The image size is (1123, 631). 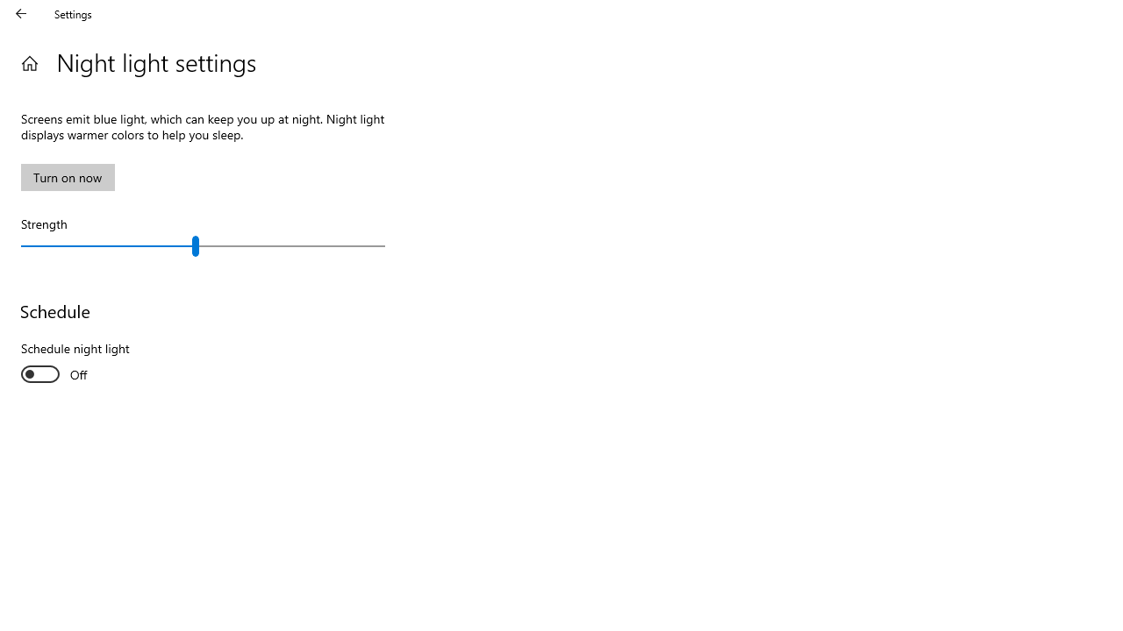 I want to click on 'Back', so click(x=21, y=13).